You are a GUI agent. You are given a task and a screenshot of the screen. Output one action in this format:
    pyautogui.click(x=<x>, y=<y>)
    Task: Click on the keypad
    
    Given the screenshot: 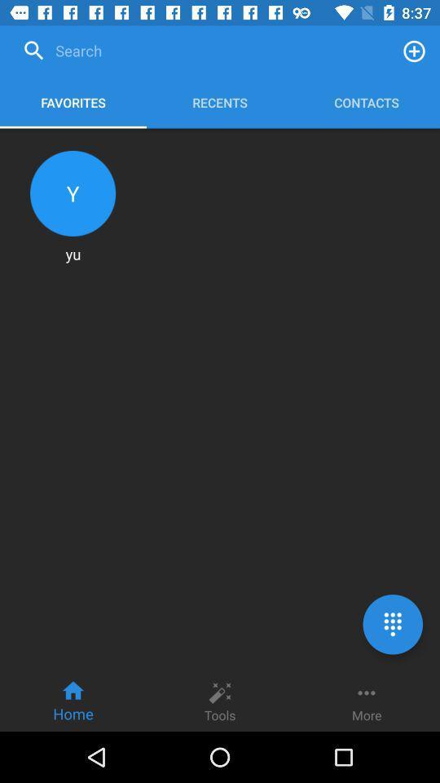 What is the action you would take?
    pyautogui.click(x=392, y=623)
    